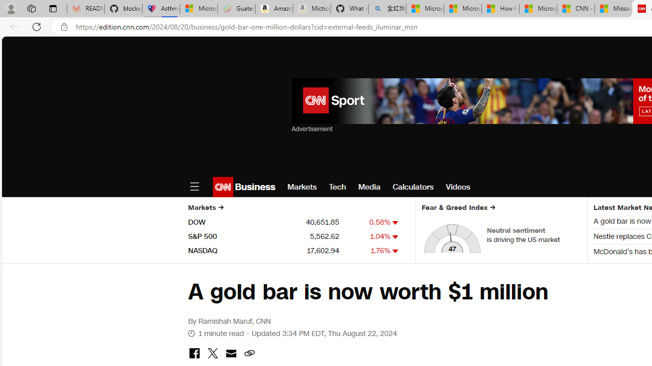  I want to click on 'share with email', so click(230, 354).